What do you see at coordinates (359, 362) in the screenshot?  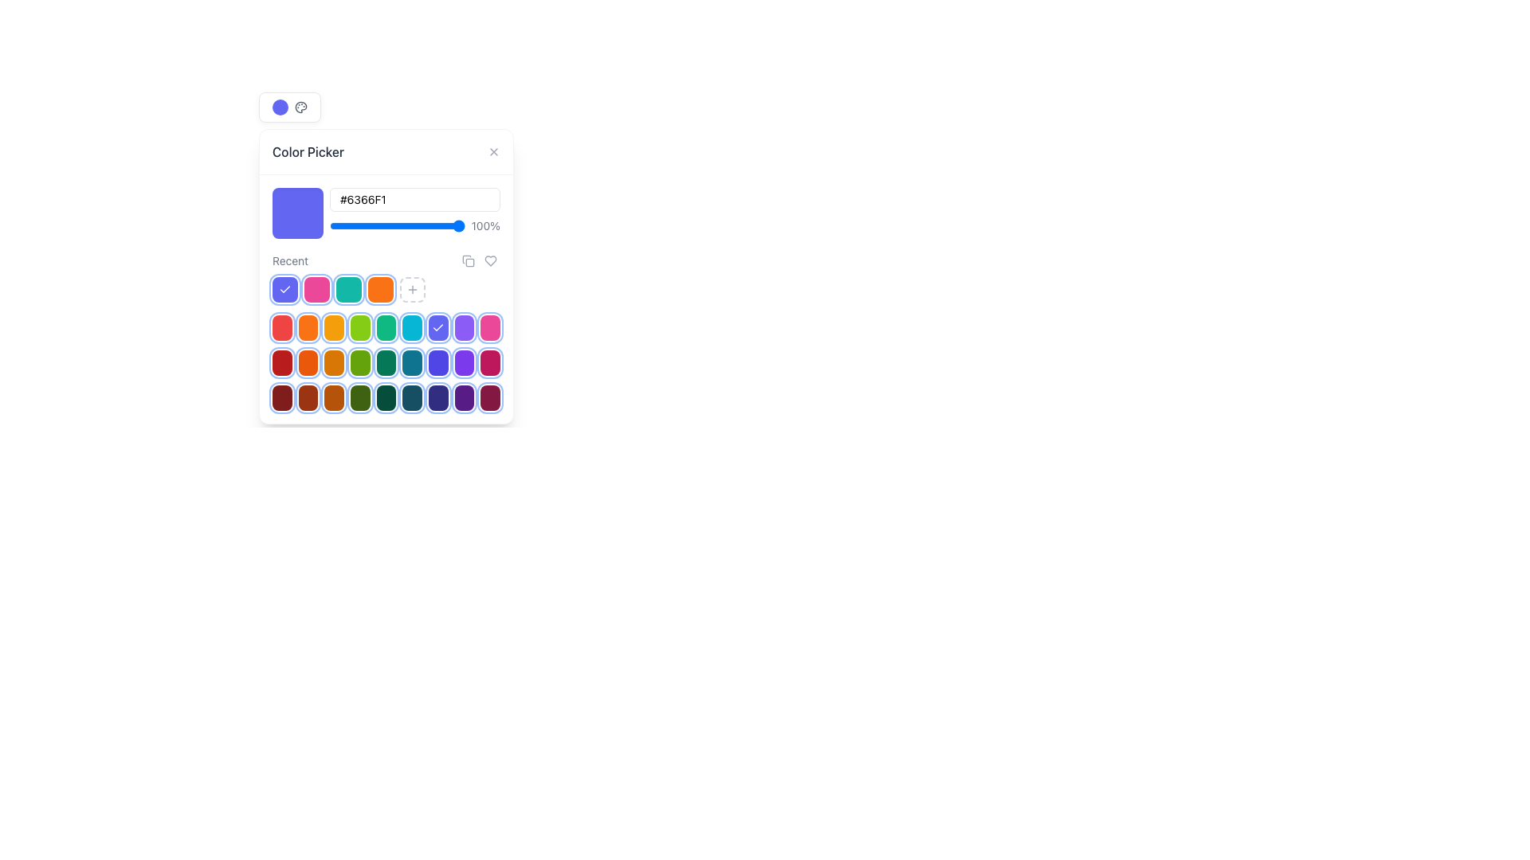 I see `the green color button located in the 'Recent' section of the color picker, which is the fourth square from the left in the second row` at bounding box center [359, 362].